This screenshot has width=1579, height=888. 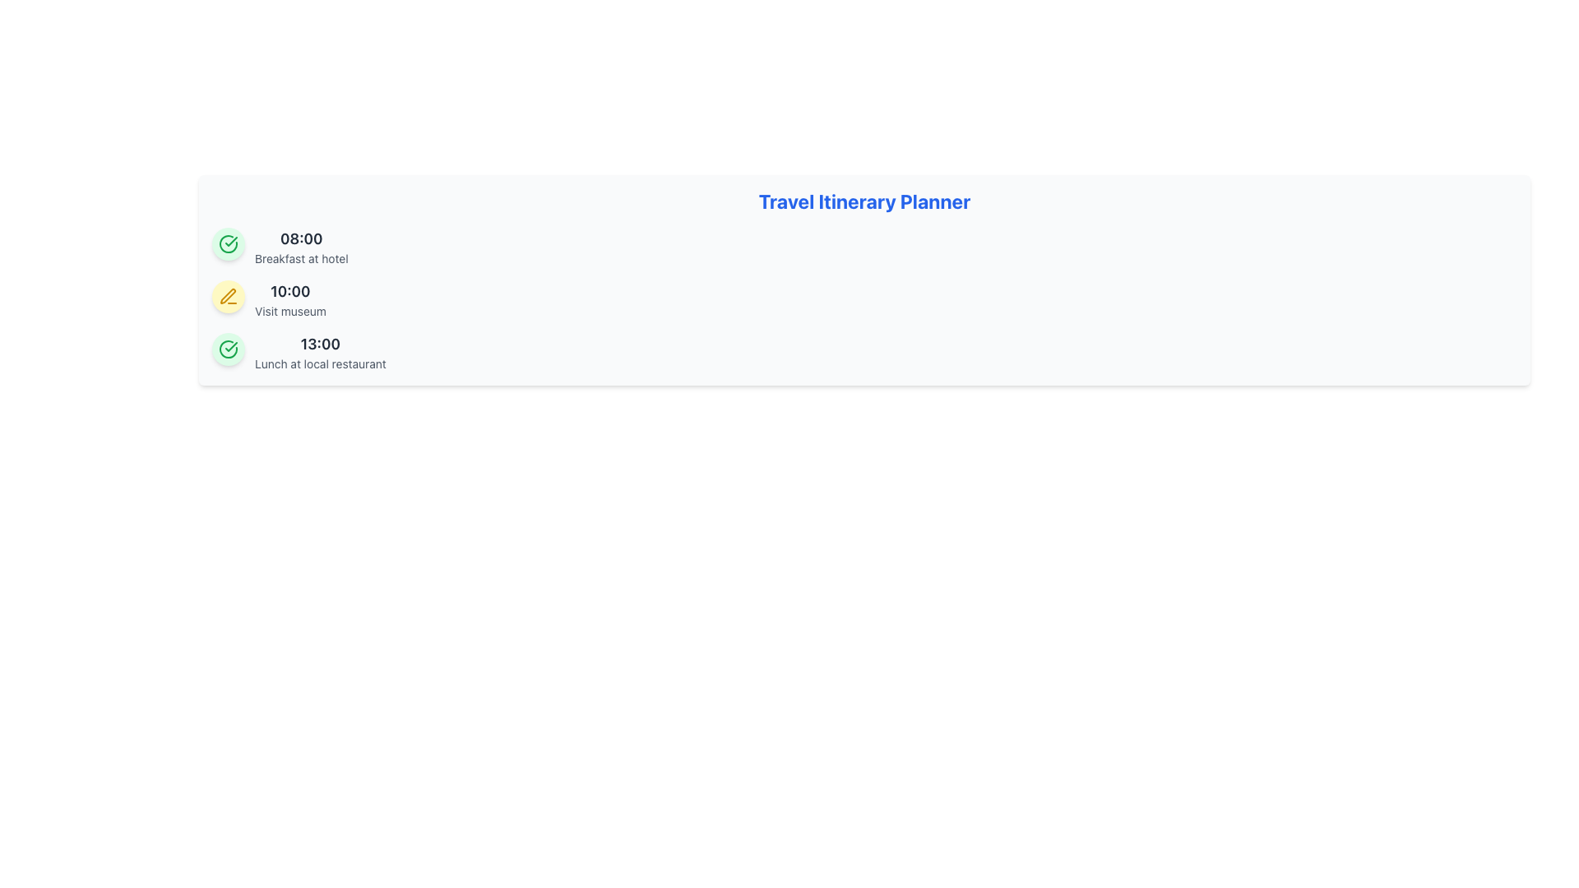 I want to click on on the Schedule Item element displaying '13:00' and 'Lunch at local restaurant', so click(x=320, y=351).